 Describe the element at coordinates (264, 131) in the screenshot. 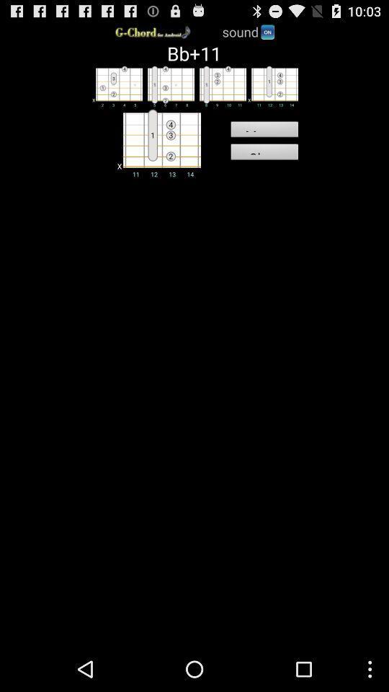

I see `the memo` at that location.